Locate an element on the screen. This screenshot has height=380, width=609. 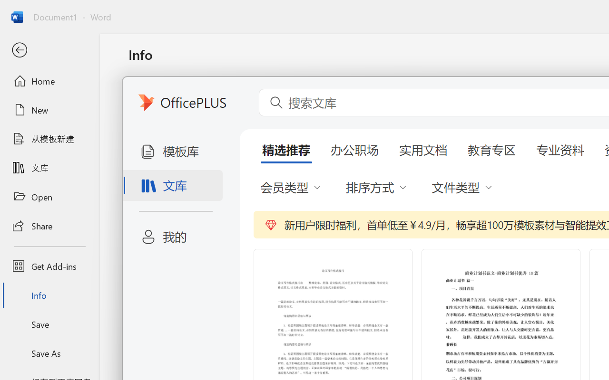
'New' is located at coordinates (49, 110).